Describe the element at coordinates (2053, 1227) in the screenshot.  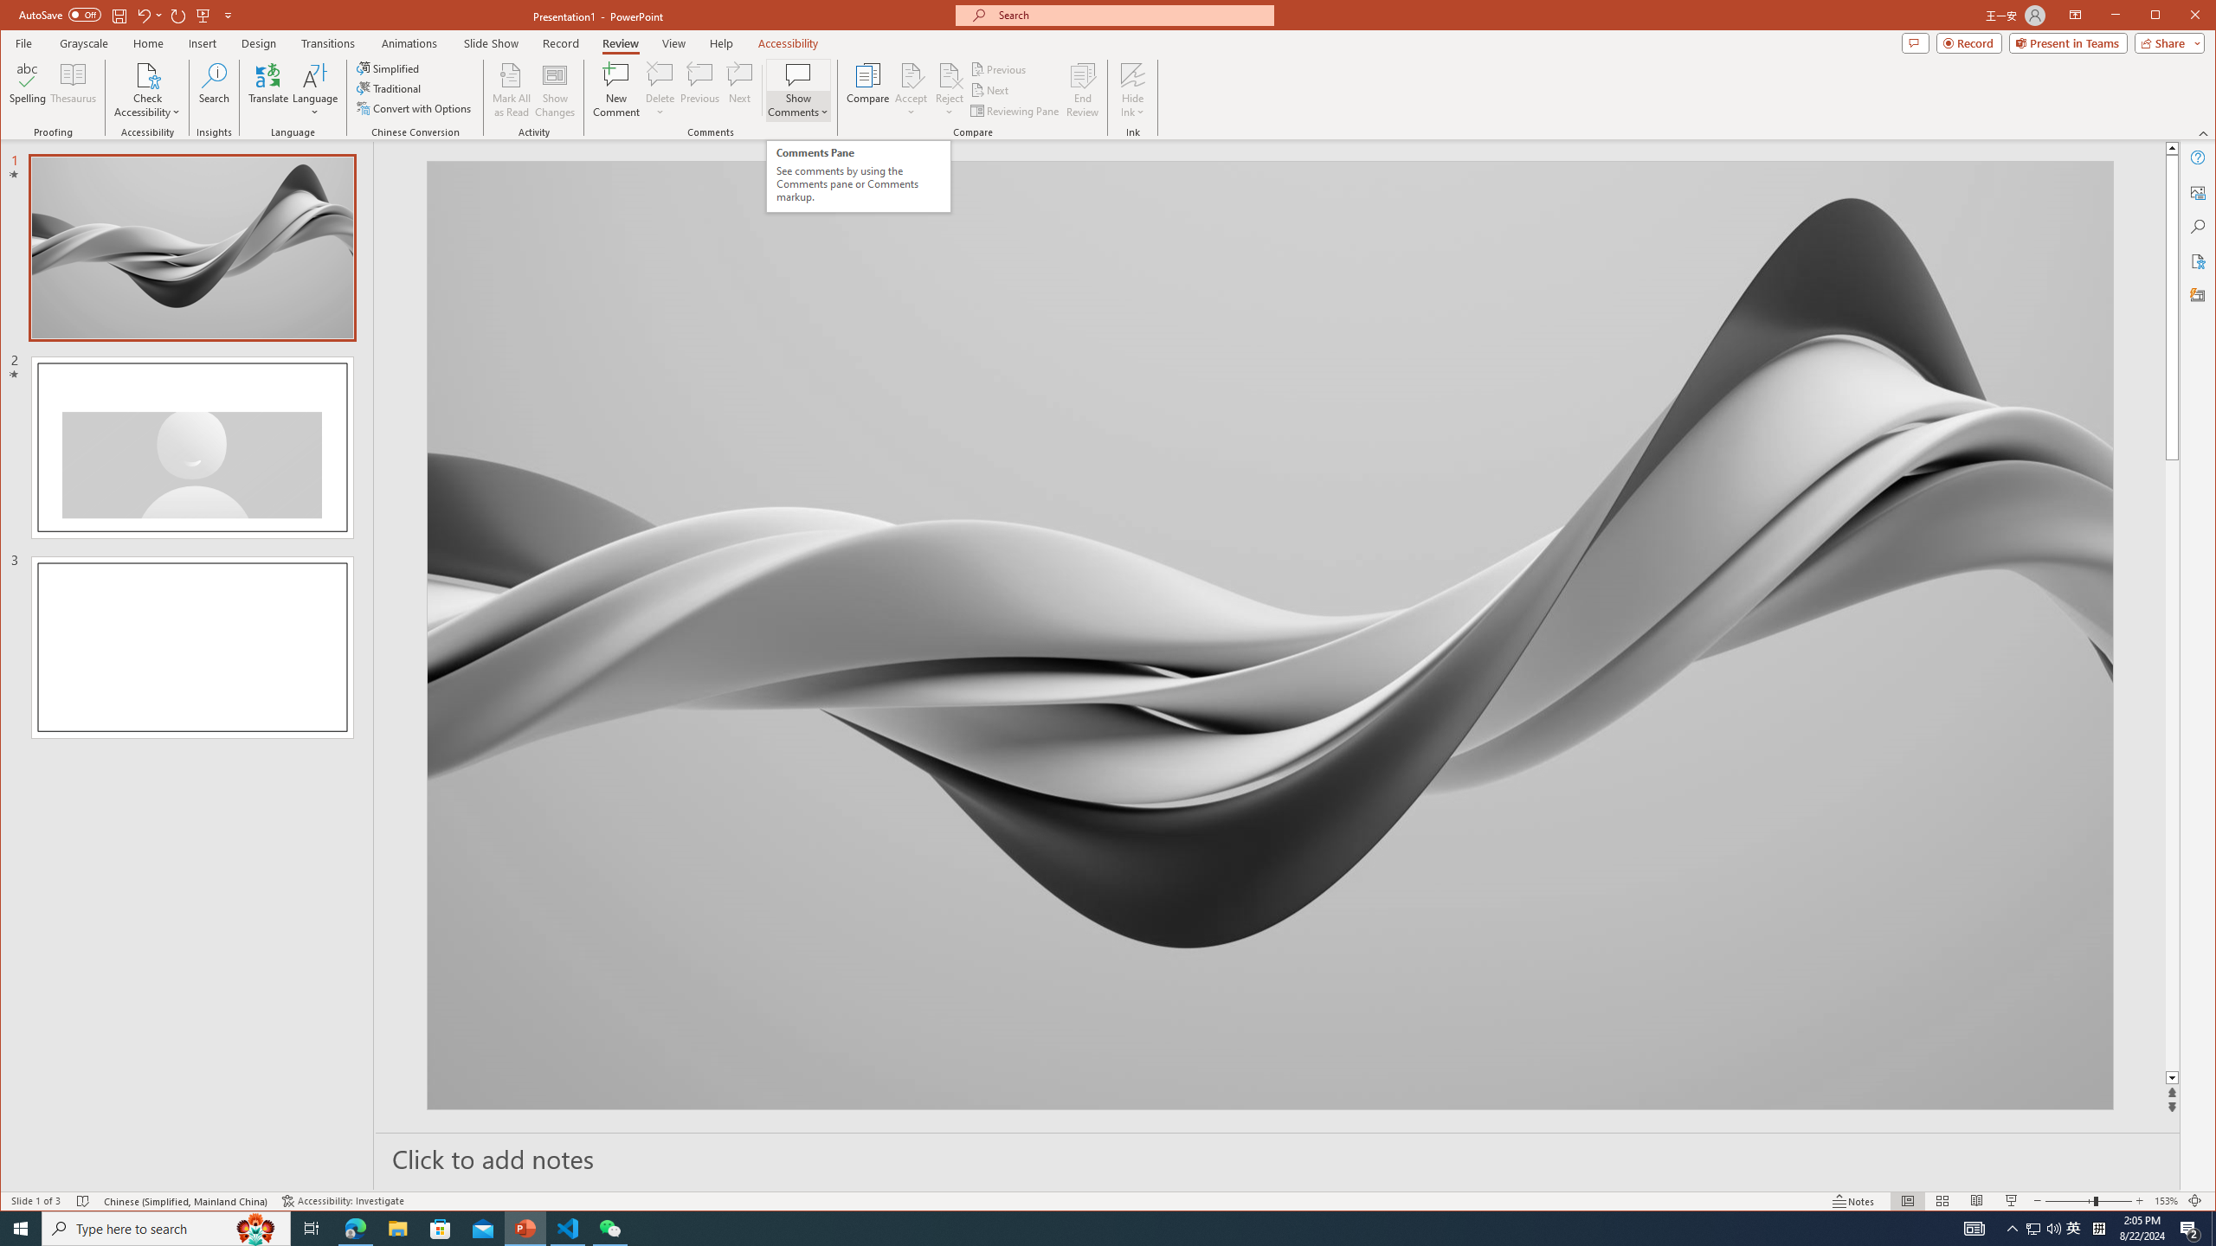
I see `'Q2790: 100%'` at that location.